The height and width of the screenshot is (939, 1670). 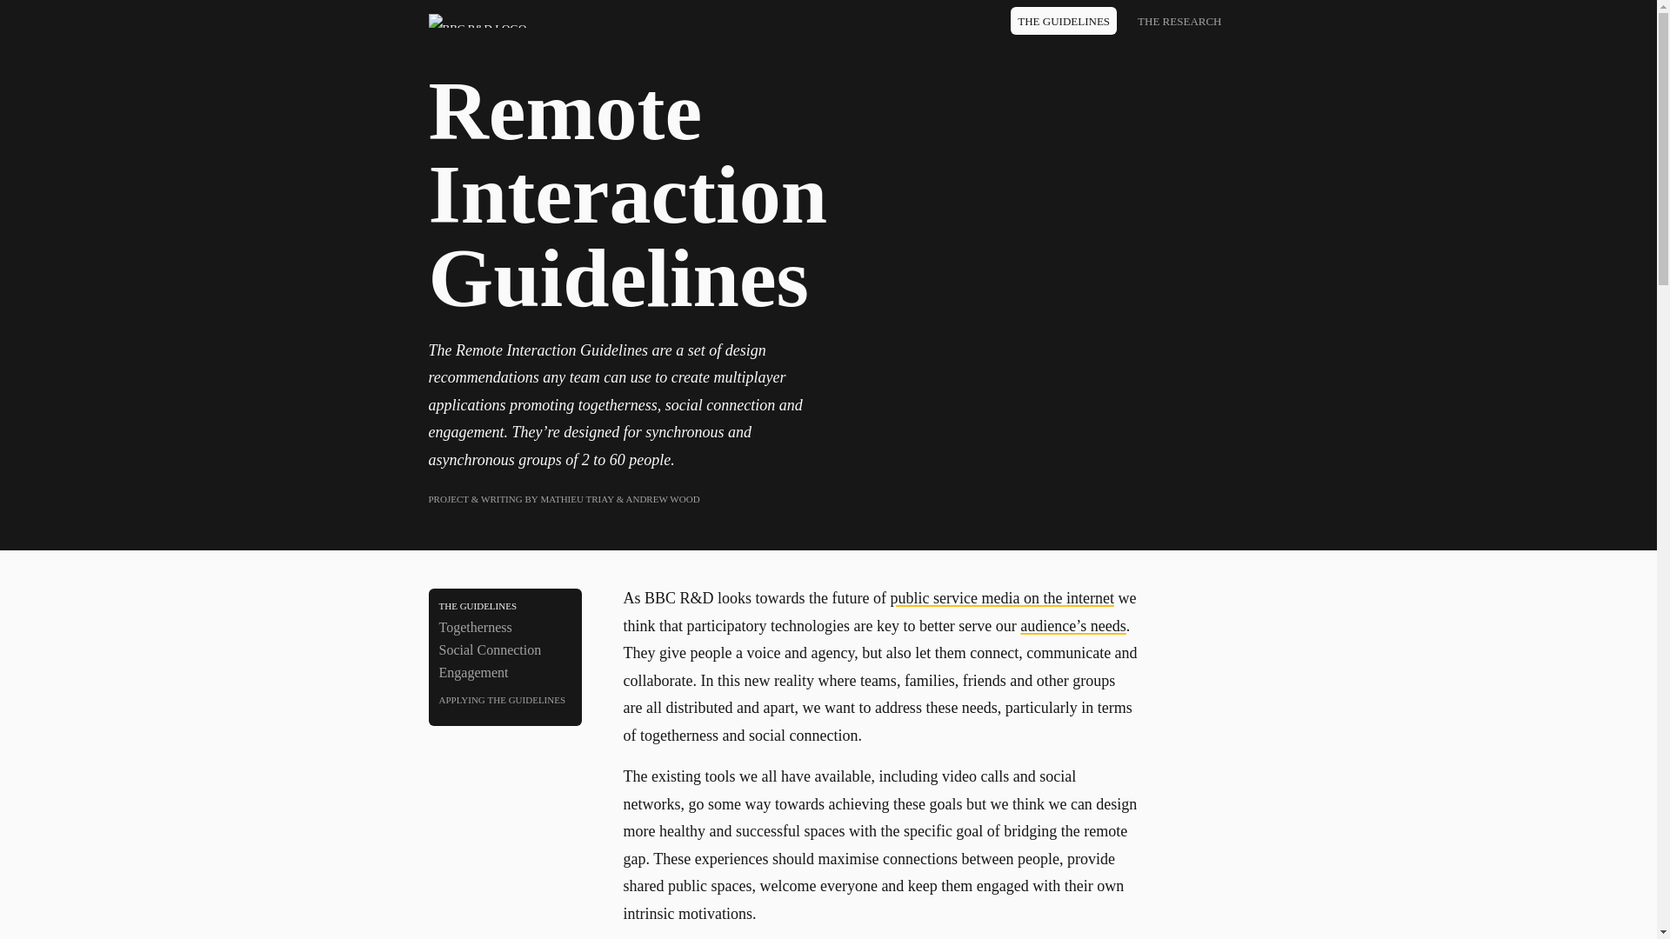 I want to click on 'The Guidelines', so click(x=1063, y=20).